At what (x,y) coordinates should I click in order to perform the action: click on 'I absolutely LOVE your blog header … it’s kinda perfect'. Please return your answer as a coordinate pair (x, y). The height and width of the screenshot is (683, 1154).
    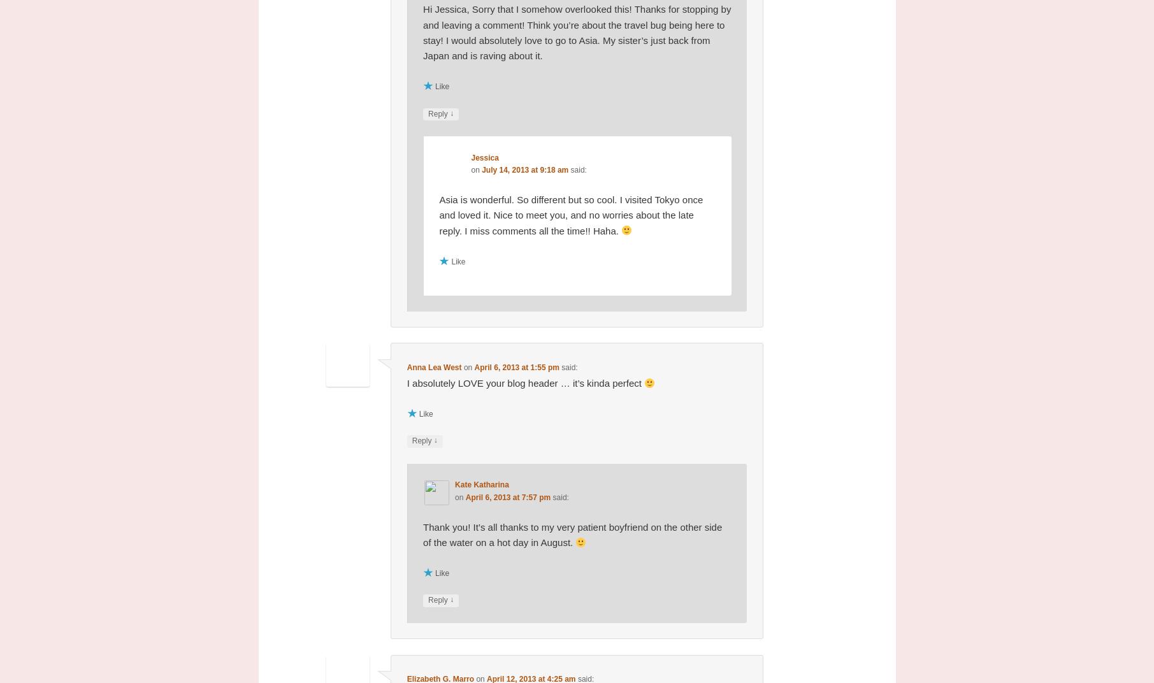
    Looking at the image, I should click on (525, 382).